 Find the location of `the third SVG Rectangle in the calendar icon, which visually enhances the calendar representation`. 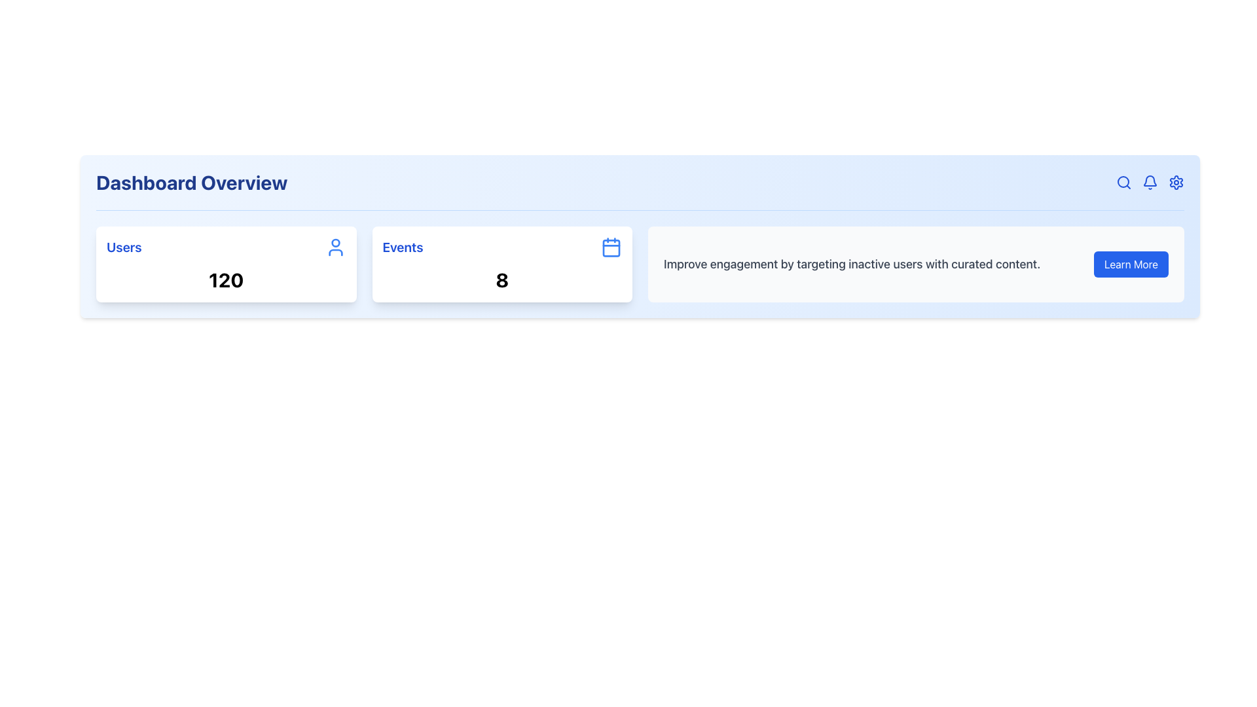

the third SVG Rectangle in the calendar icon, which visually enhances the calendar representation is located at coordinates (611, 247).